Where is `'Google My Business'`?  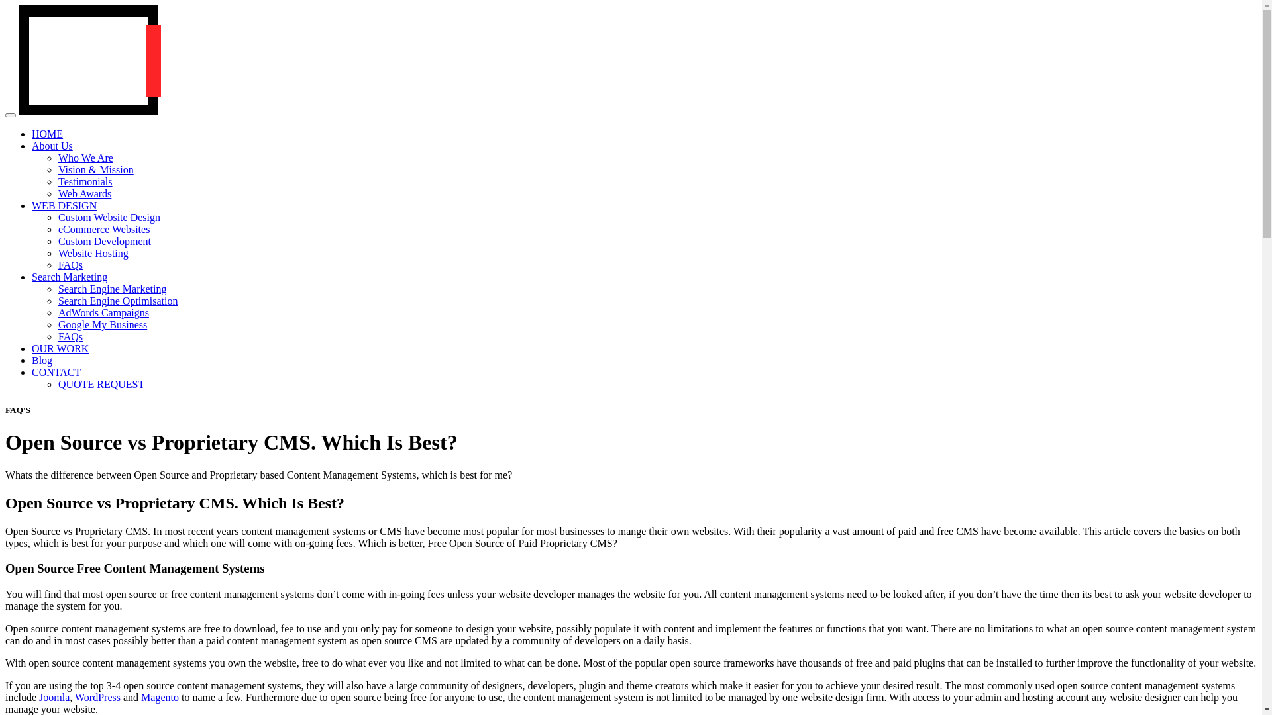 'Google My Business' is located at coordinates (101, 324).